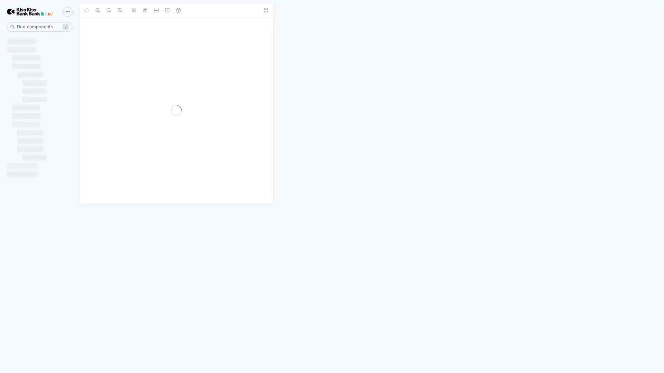  Describe the element at coordinates (140, 10) in the screenshot. I see `Remount component` at that location.